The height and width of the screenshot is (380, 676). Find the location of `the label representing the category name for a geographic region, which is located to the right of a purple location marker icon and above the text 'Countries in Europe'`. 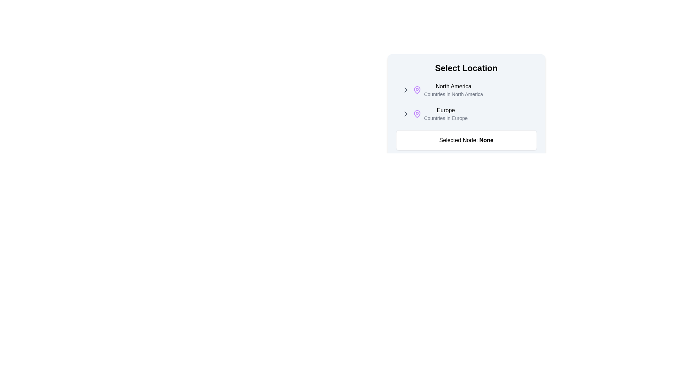

the label representing the category name for a geographic region, which is located to the right of a purple location marker icon and above the text 'Countries in Europe' is located at coordinates (445, 110).